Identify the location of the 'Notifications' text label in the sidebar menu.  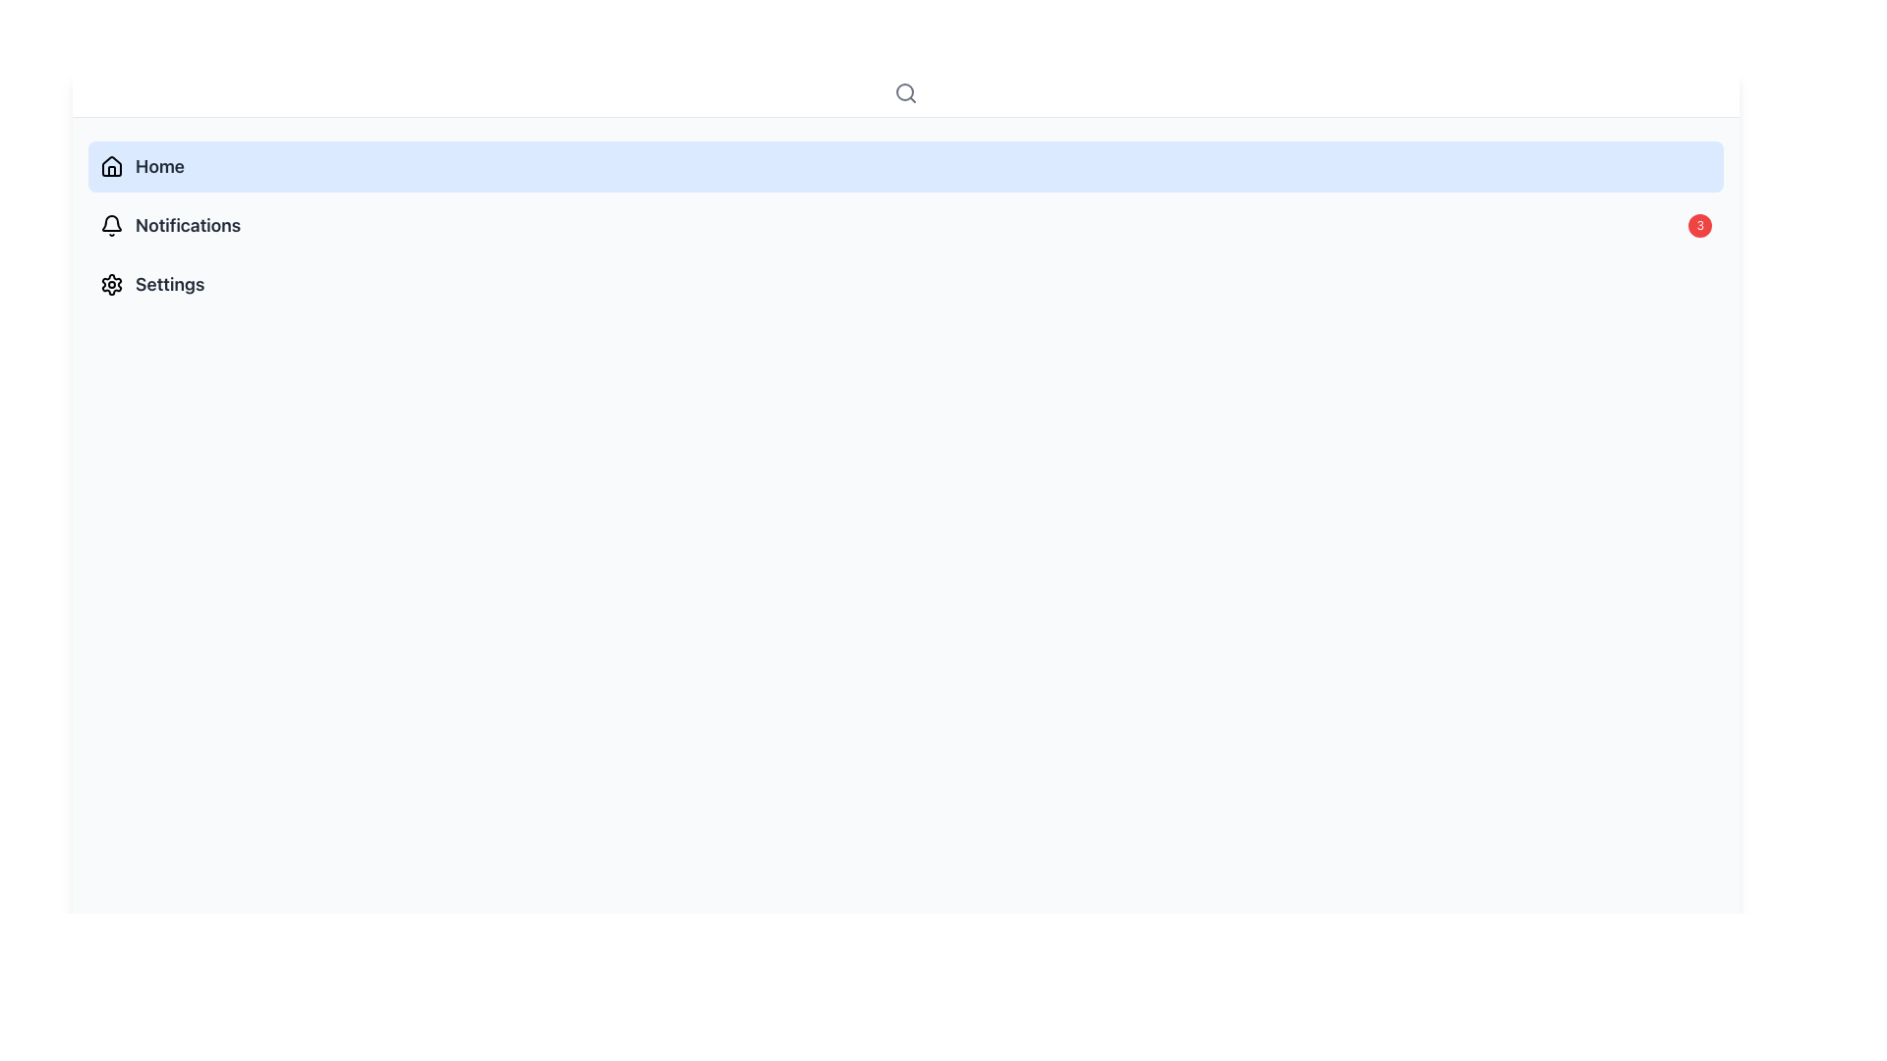
(188, 225).